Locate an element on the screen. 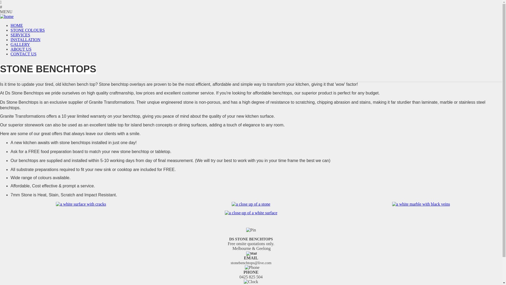 The image size is (506, 285). 'CONTACT US' is located at coordinates (23, 54).